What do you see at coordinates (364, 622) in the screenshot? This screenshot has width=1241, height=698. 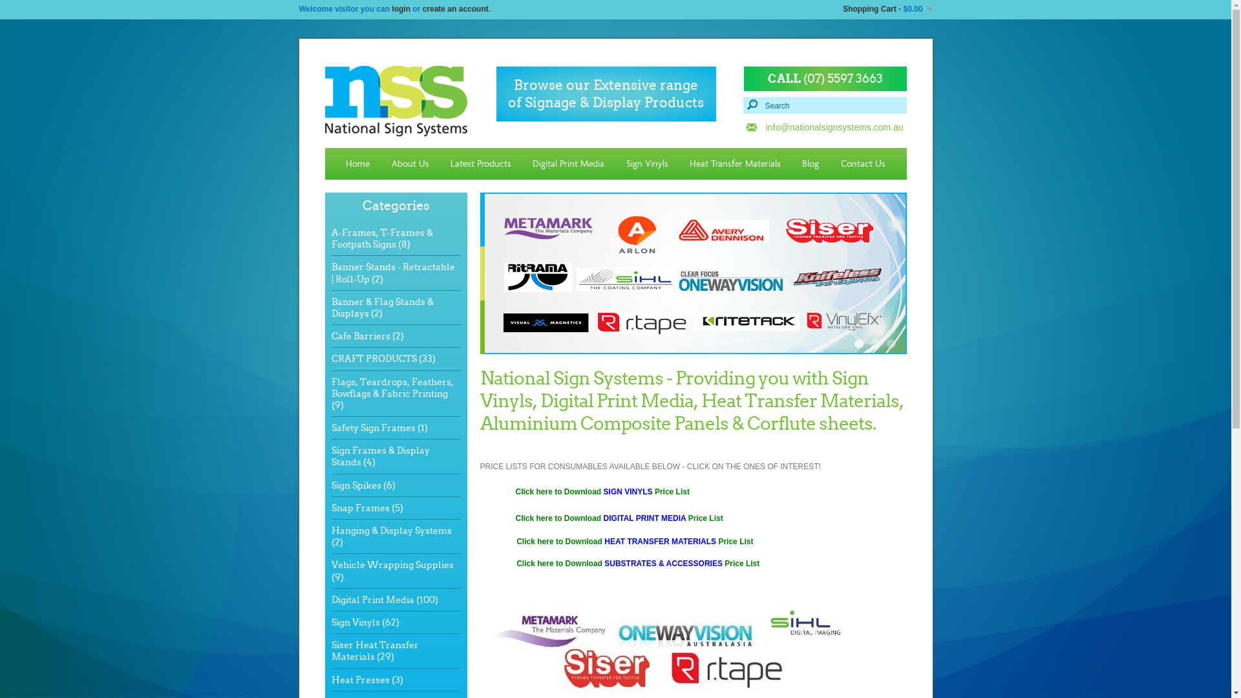 I see `'Sign Vinyls (62)'` at bounding box center [364, 622].